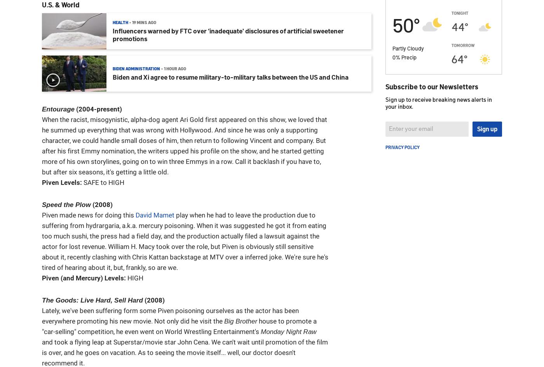 This screenshot has height=367, width=544. I want to click on 'Influencers warned by FTC over ‘inadequate' disclosures of artificial sweetener promotions', so click(112, 34).